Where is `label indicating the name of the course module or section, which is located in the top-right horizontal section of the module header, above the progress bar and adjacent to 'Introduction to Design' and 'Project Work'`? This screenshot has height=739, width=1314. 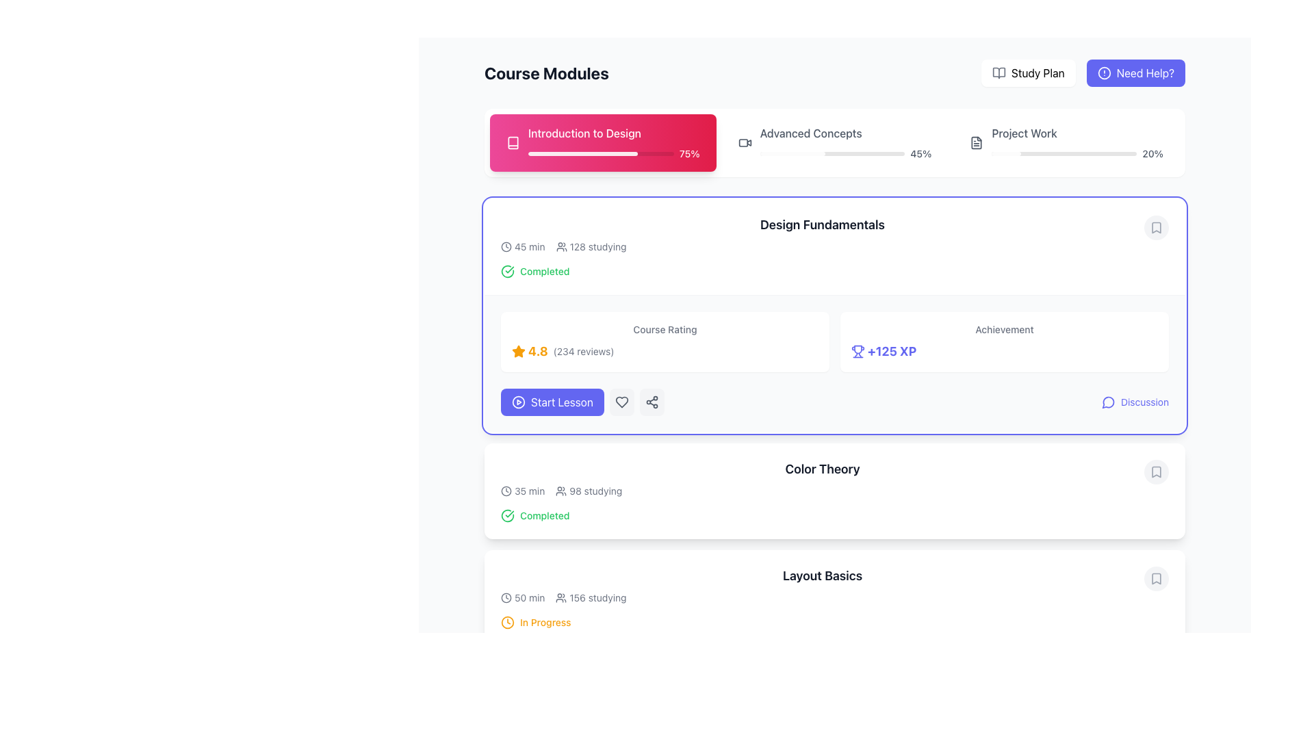 label indicating the name of the course module or section, which is located in the top-right horizontal section of the module header, above the progress bar and adjacent to 'Introduction to Design' and 'Project Work' is located at coordinates (845, 133).